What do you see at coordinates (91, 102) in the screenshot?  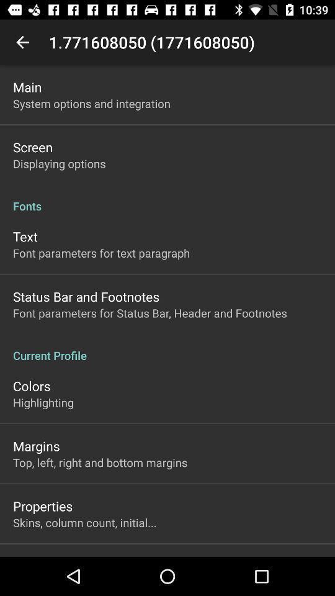 I see `icon above screen icon` at bounding box center [91, 102].